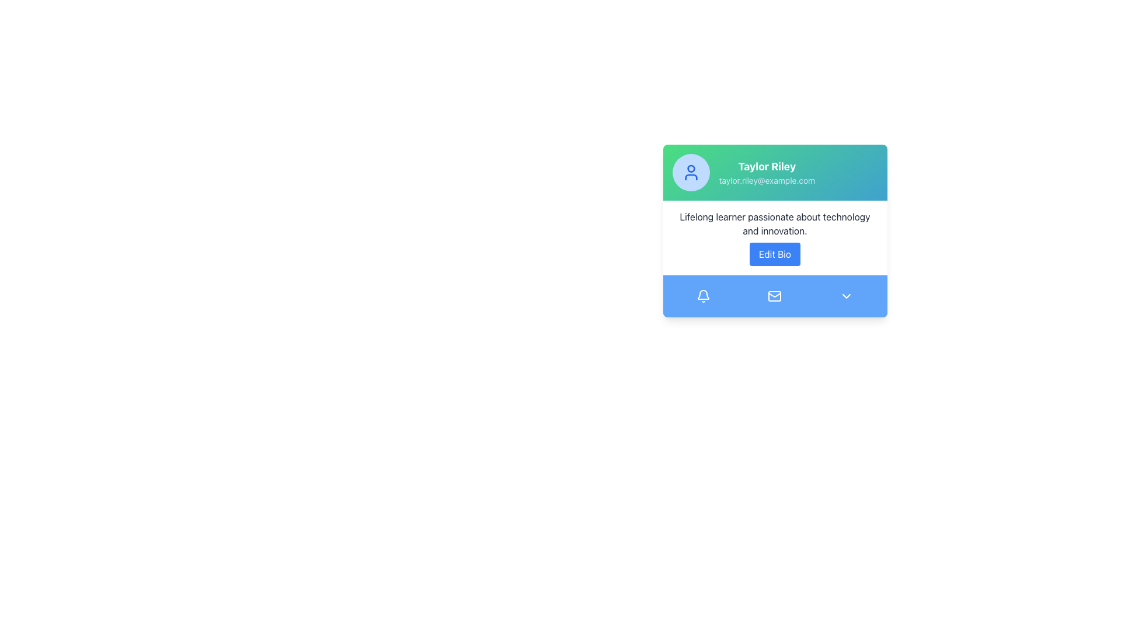 This screenshot has height=630, width=1121. Describe the element at coordinates (775, 253) in the screenshot. I see `the 'Edit Bio' button, which has white text on a blue background and is located at the bottom of the profile information card` at that location.